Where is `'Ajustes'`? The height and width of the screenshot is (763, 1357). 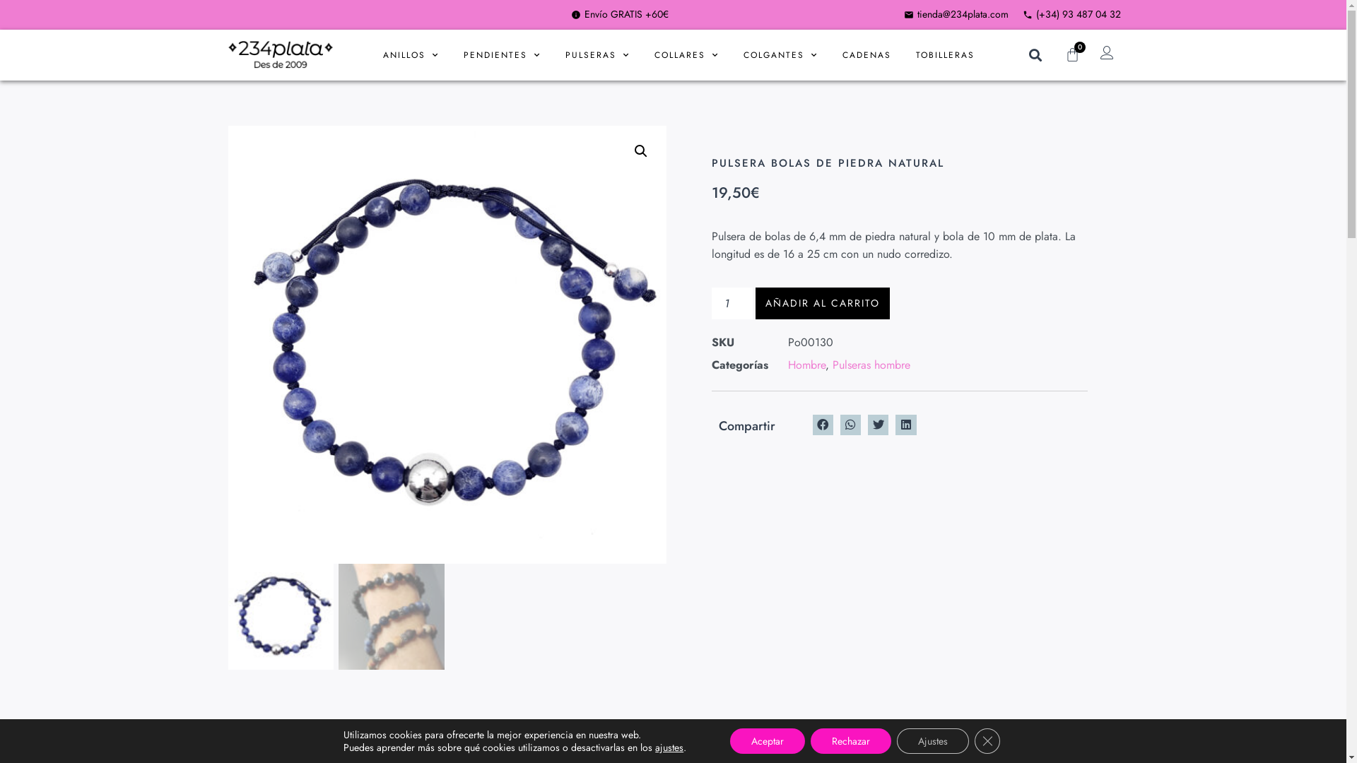 'Ajustes' is located at coordinates (933, 740).